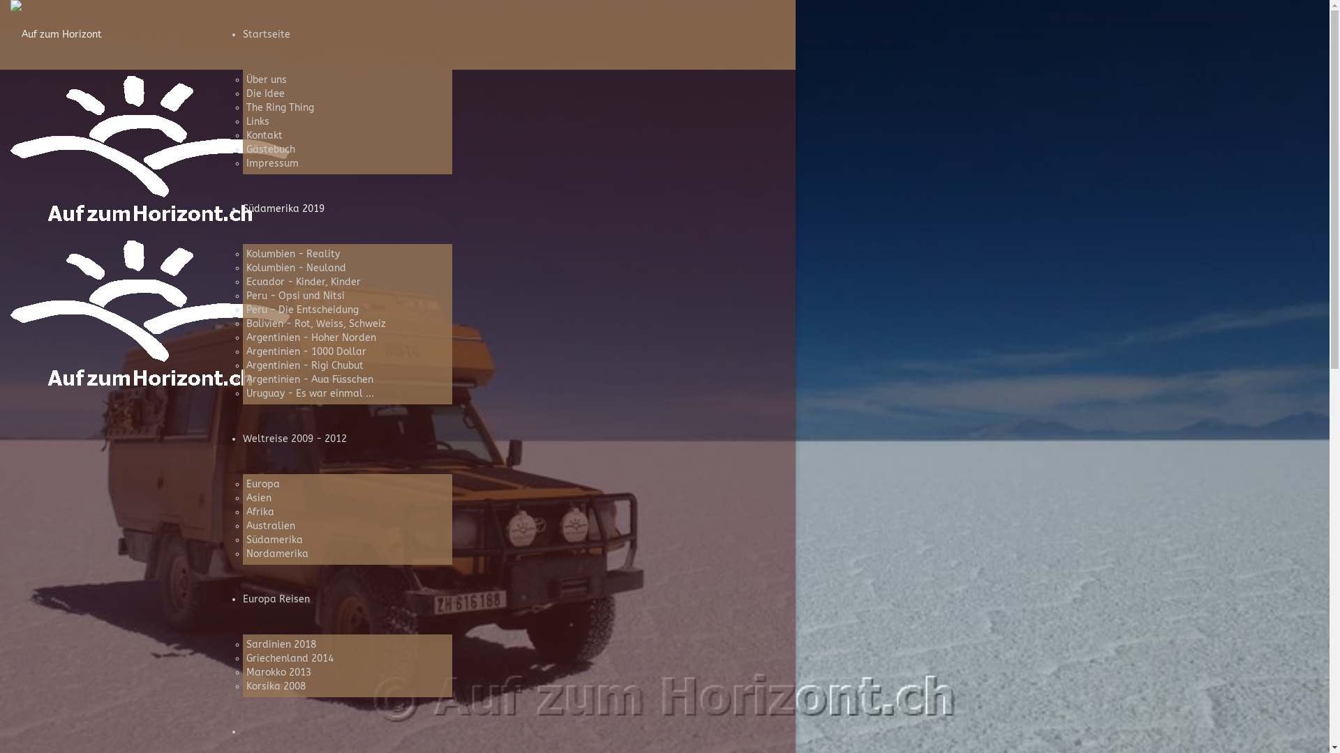 The image size is (1340, 753). I want to click on 'Bolivien - Rot, Weiss, Schweiz', so click(245, 324).